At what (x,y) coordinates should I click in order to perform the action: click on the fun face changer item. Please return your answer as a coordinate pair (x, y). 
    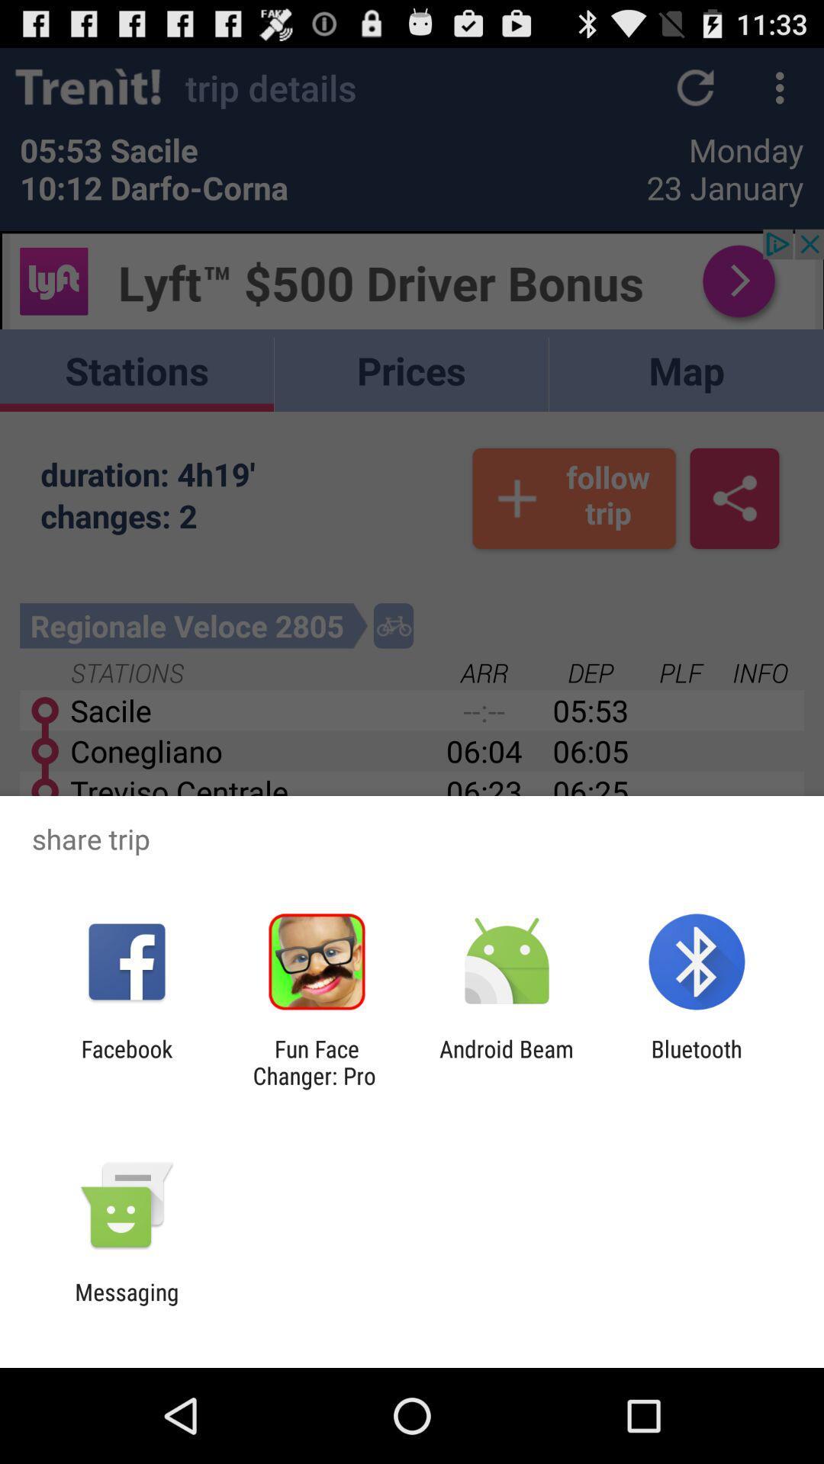
    Looking at the image, I should click on (316, 1061).